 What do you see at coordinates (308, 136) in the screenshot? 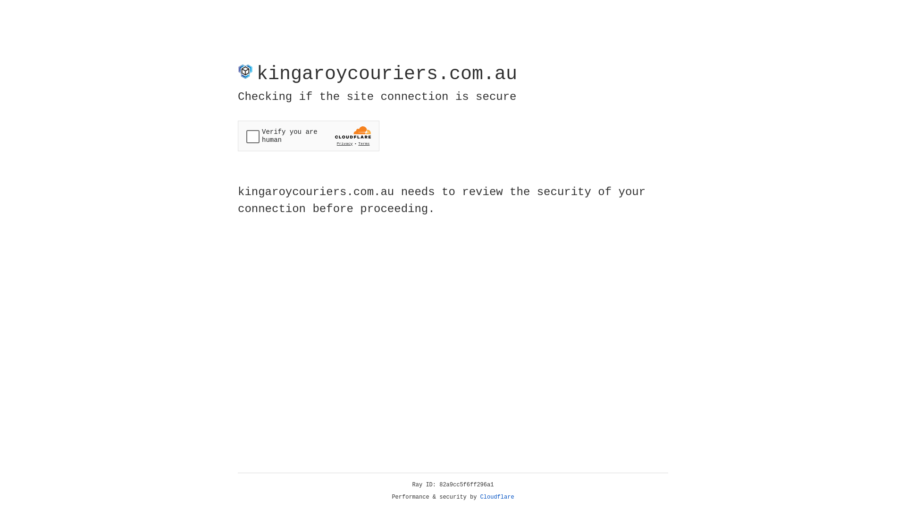
I see `'Widget containing a Cloudflare security challenge'` at bounding box center [308, 136].